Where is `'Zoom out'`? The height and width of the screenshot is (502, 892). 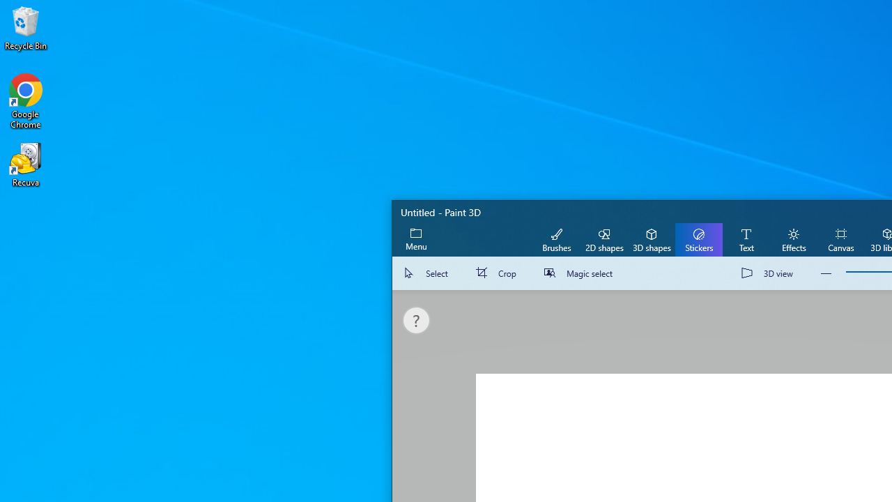
'Zoom out' is located at coordinates (826, 273).